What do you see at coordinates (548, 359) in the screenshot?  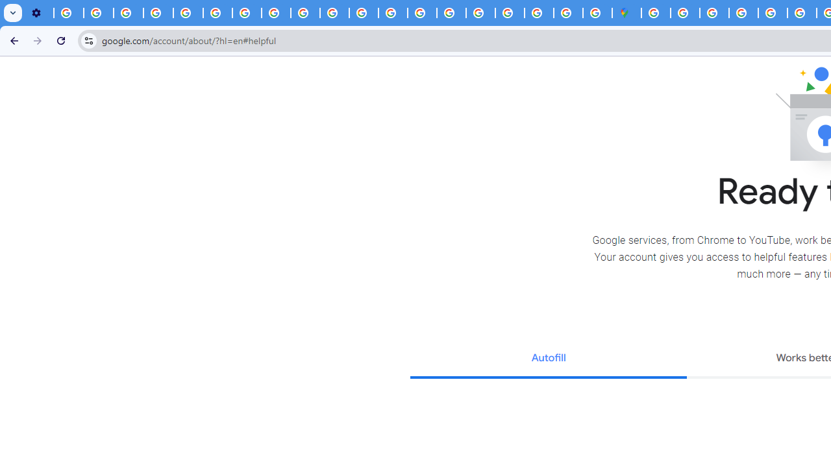 I see `'Autofill'` at bounding box center [548, 359].